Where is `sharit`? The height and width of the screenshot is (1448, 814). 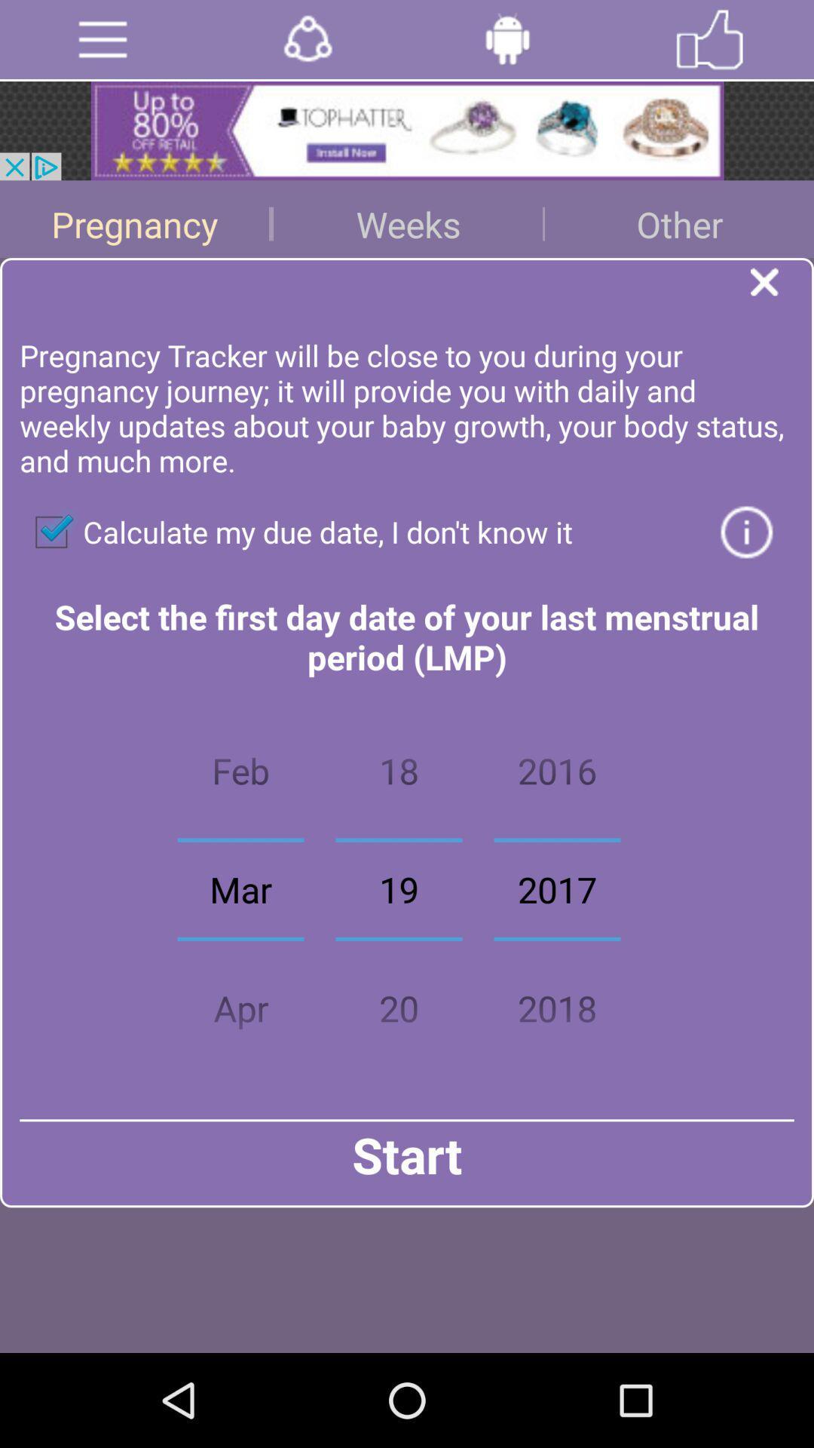 sharit is located at coordinates (307, 39).